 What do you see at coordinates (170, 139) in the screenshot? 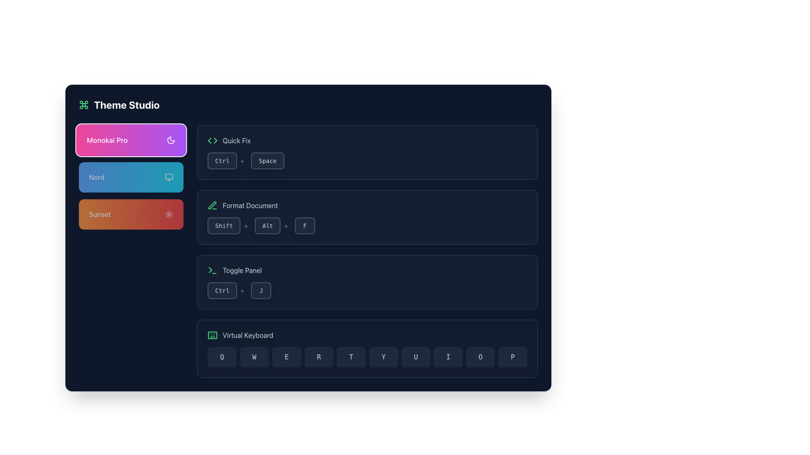
I see `the crescent moon-shaped icon in the 'Monokai Pro' theme panel` at bounding box center [170, 139].